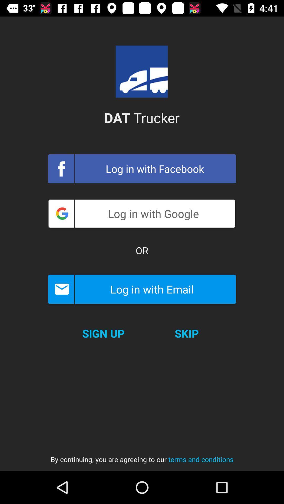  I want to click on the icon below log in with, so click(142, 250).